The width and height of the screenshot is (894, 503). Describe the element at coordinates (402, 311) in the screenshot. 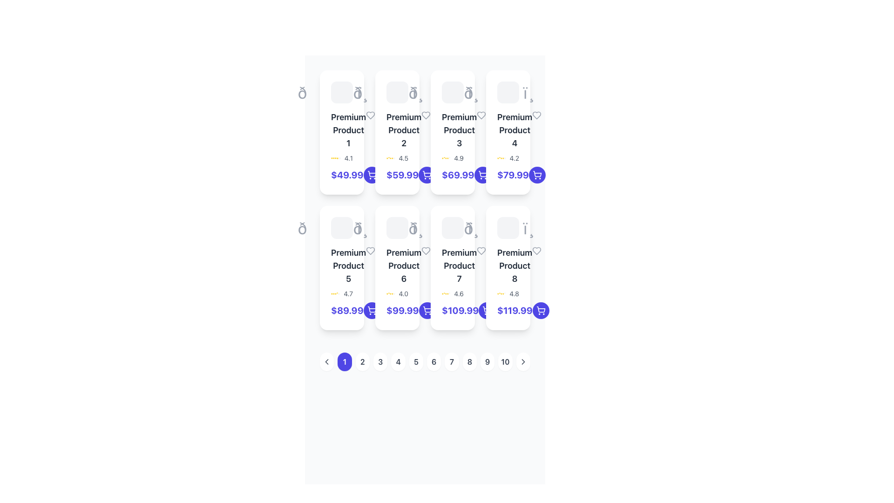

I see `the bold, indigo text label displaying the price '$99.99', which is centrally located in the product display card layout, above the shopping cart button` at that location.